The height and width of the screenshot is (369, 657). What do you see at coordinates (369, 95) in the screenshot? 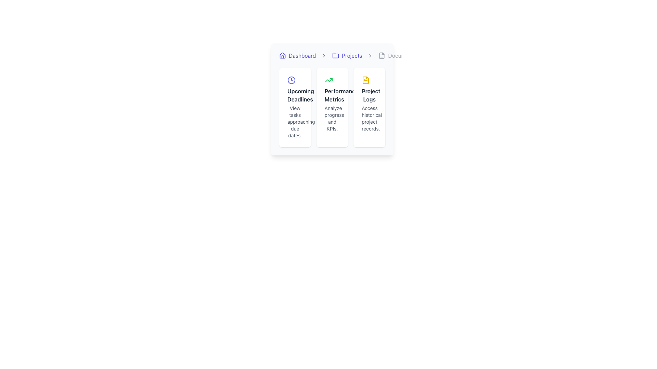
I see `the centrally placed Text Label within the third section of the row of cards, which serves as a heading or title for the associated card` at bounding box center [369, 95].